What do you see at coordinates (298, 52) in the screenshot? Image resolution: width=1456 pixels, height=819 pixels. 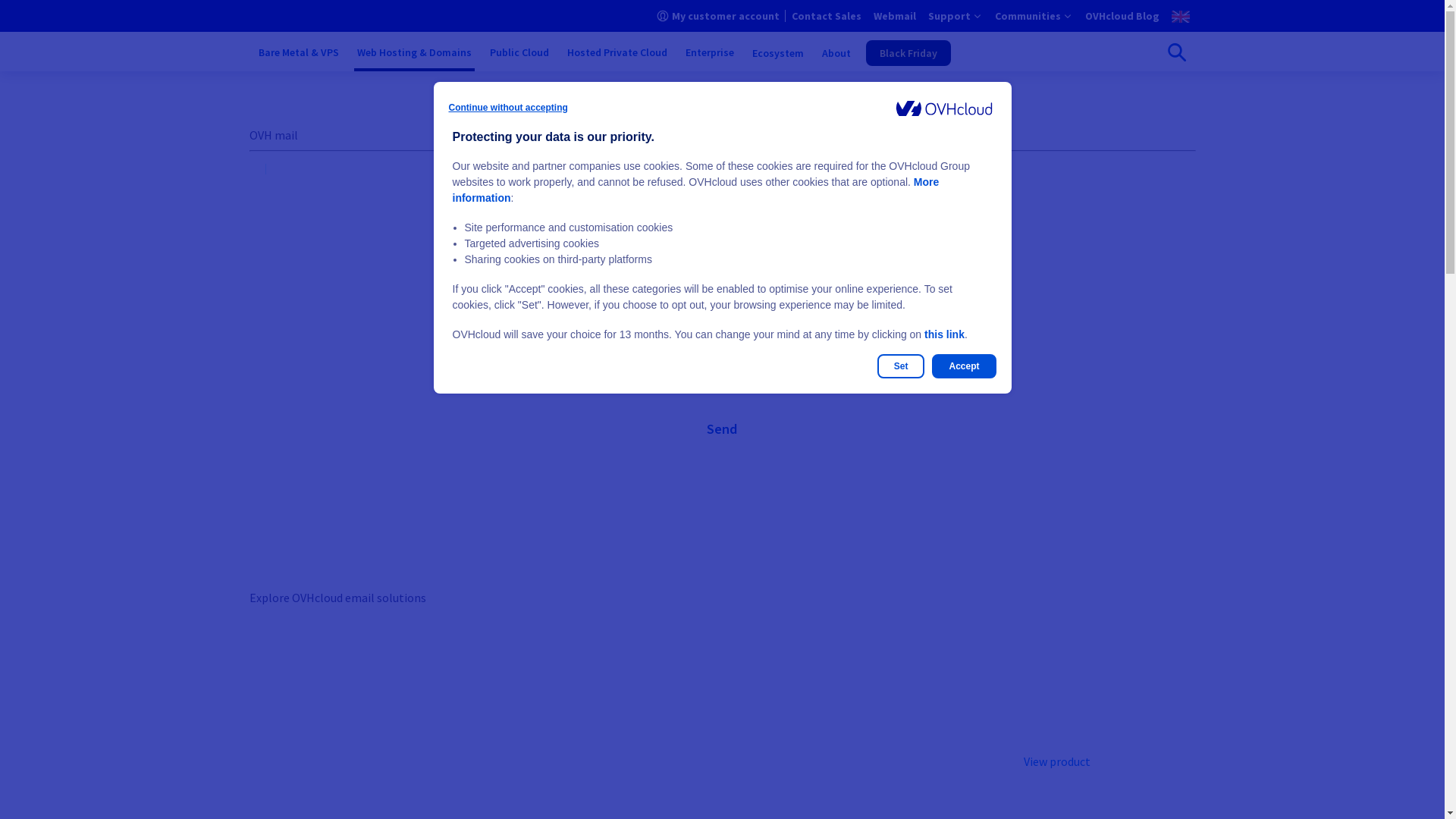 I see `'Bare Metal & VPS'` at bounding box center [298, 52].